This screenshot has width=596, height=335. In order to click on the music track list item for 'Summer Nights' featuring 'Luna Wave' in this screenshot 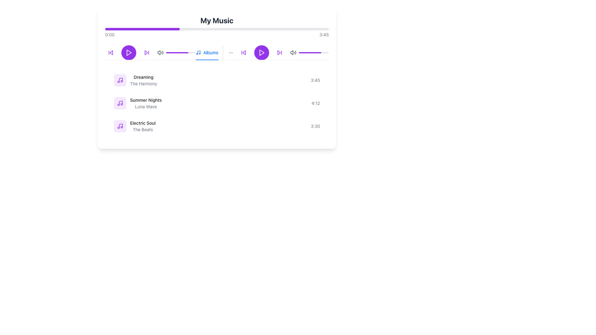, I will do `click(138, 103)`.